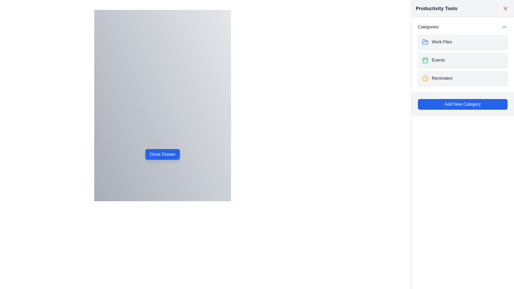  Describe the element at coordinates (462, 60) in the screenshot. I see `the 'Events' menu item in the 'Categories' list` at that location.